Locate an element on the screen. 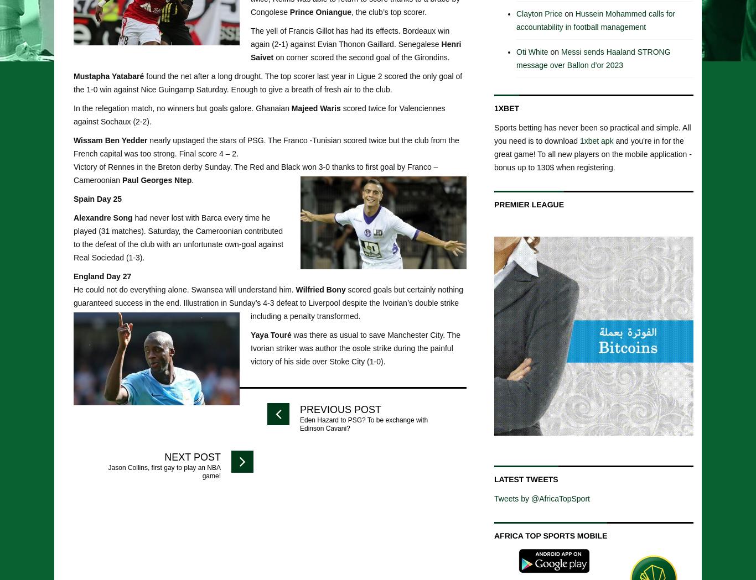 This screenshot has width=756, height=580. 'Clayton Price' is located at coordinates (539, 13).